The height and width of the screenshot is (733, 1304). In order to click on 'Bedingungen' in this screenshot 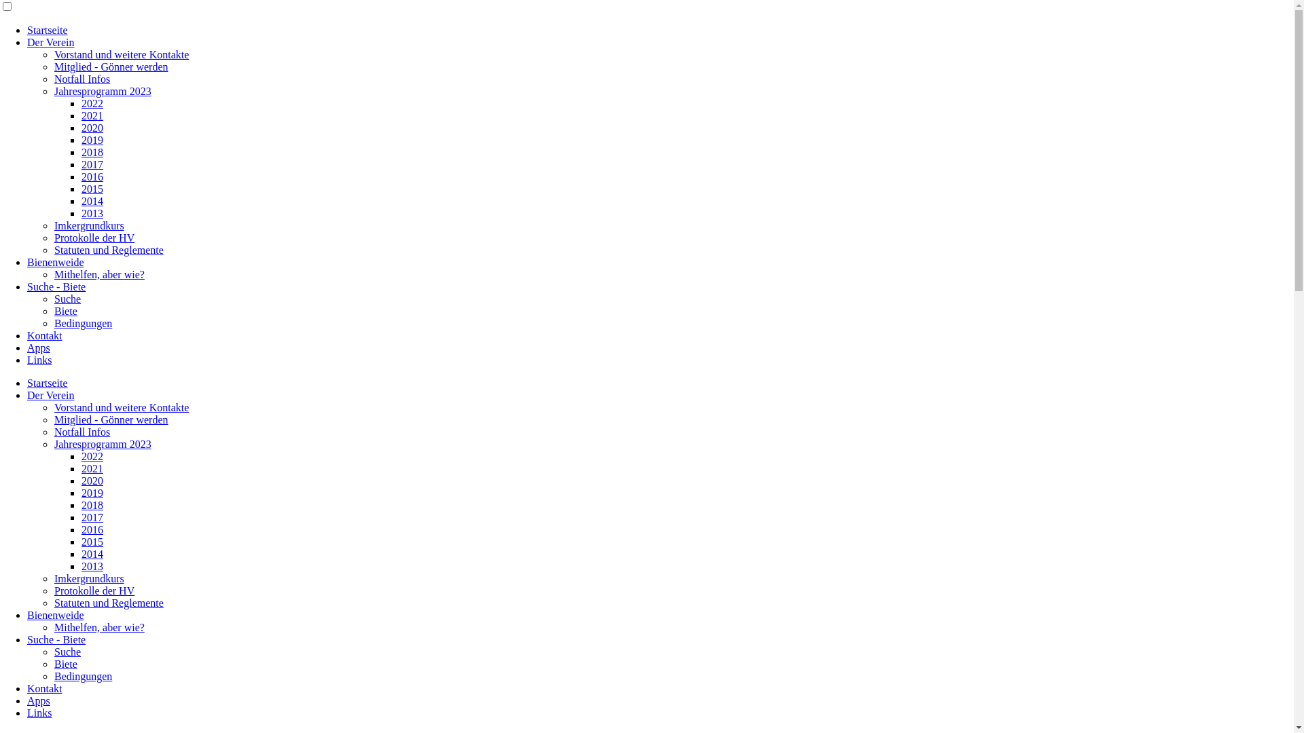, I will do `click(82, 323)`.